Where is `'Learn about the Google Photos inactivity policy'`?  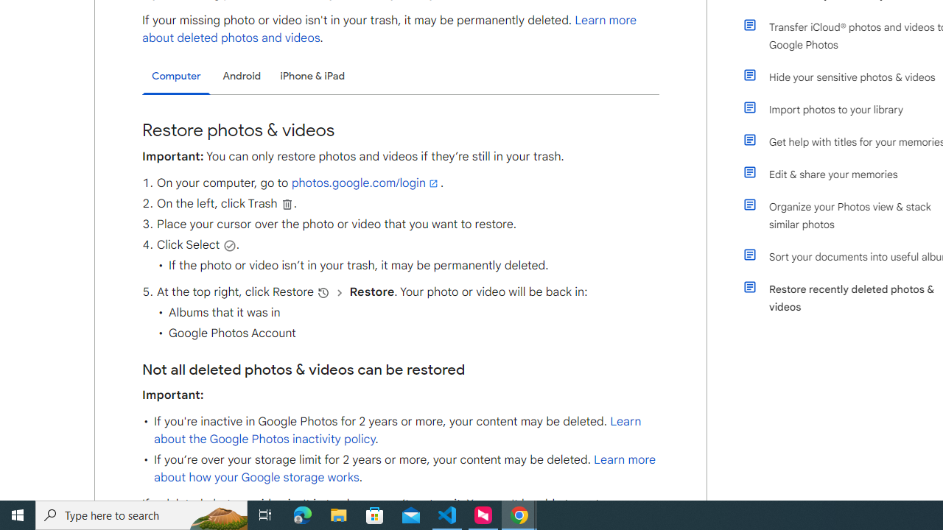
'Learn about the Google Photos inactivity policy' is located at coordinates (397, 431).